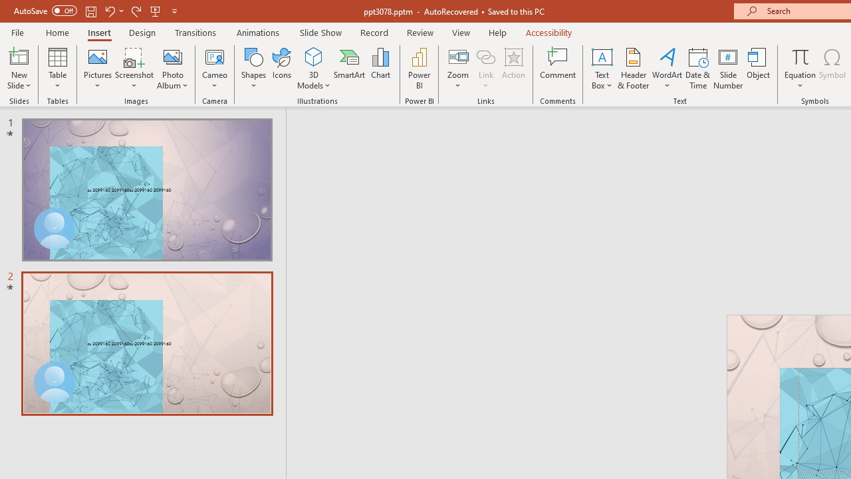  Describe the element at coordinates (558, 69) in the screenshot. I see `'Comment'` at that location.